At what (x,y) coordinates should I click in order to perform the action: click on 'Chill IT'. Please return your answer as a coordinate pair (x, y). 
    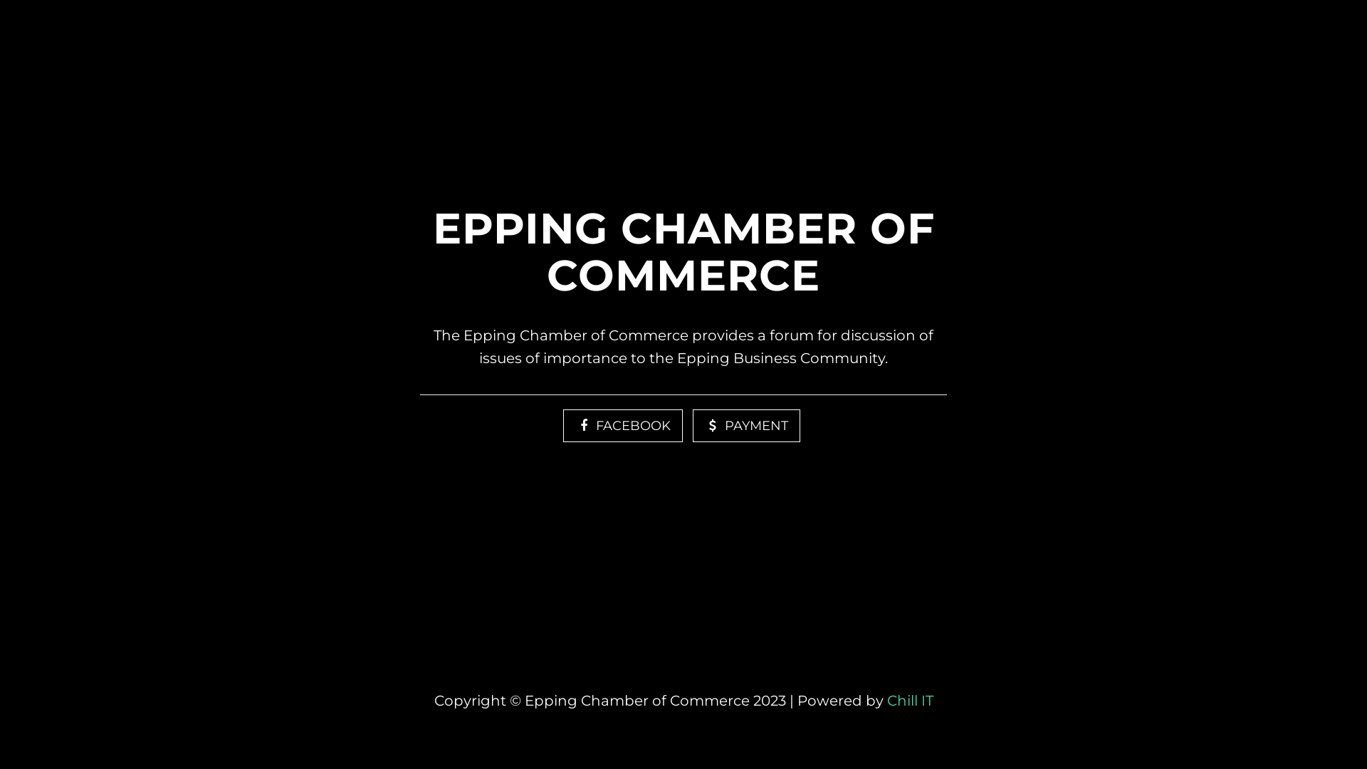
    Looking at the image, I should click on (909, 699).